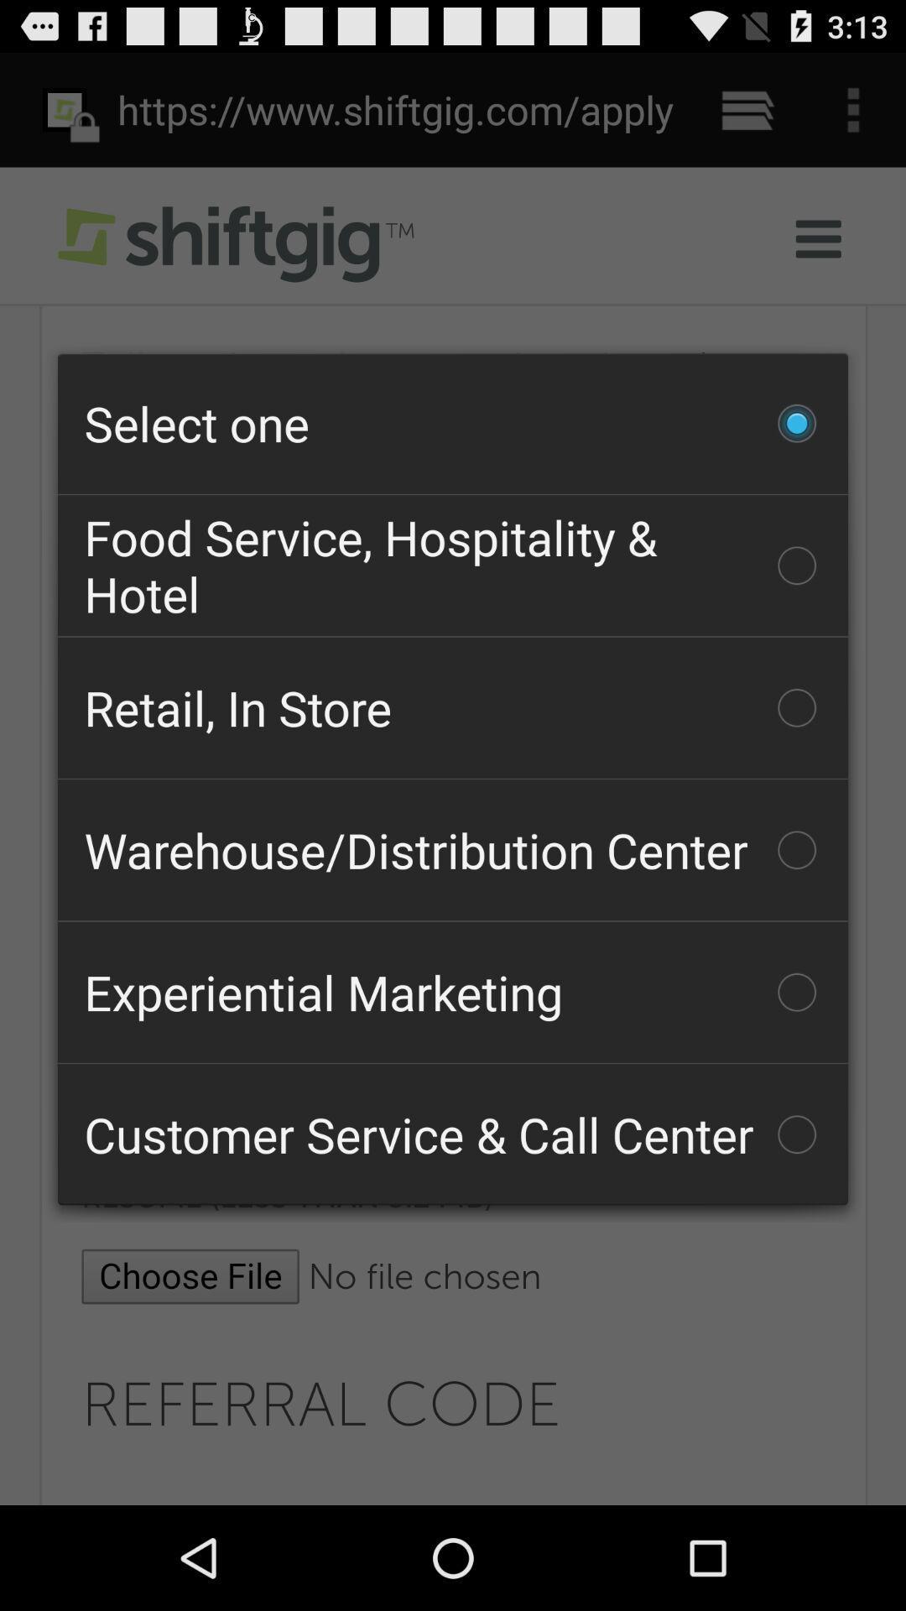 The image size is (906, 1611). I want to click on the item above customer service call checkbox, so click(453, 992).